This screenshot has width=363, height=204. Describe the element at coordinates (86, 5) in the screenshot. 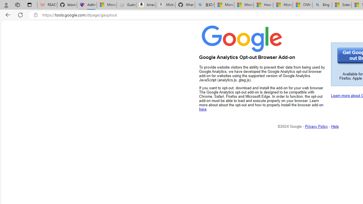

I see `'Asthma Inhalers: Names and Types'` at that location.